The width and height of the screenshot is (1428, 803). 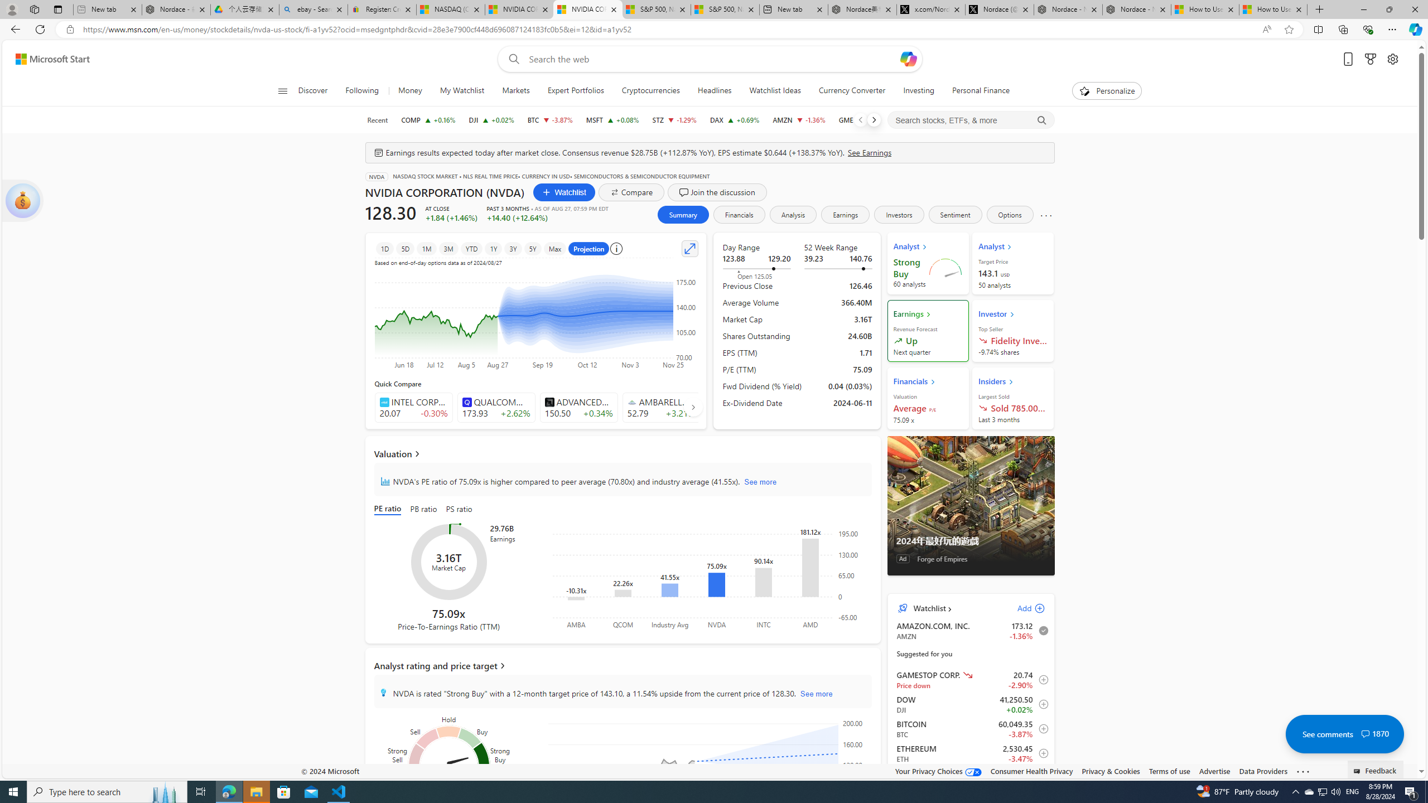 I want to click on 'x.com/NordaceOfficial', so click(x=930, y=9).